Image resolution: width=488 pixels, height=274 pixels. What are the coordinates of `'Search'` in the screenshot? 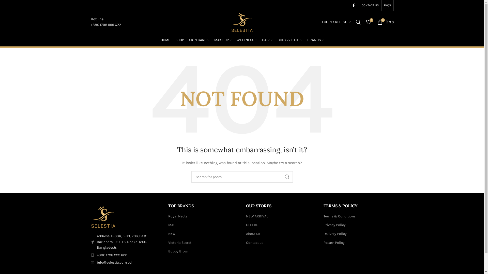 It's located at (358, 22).